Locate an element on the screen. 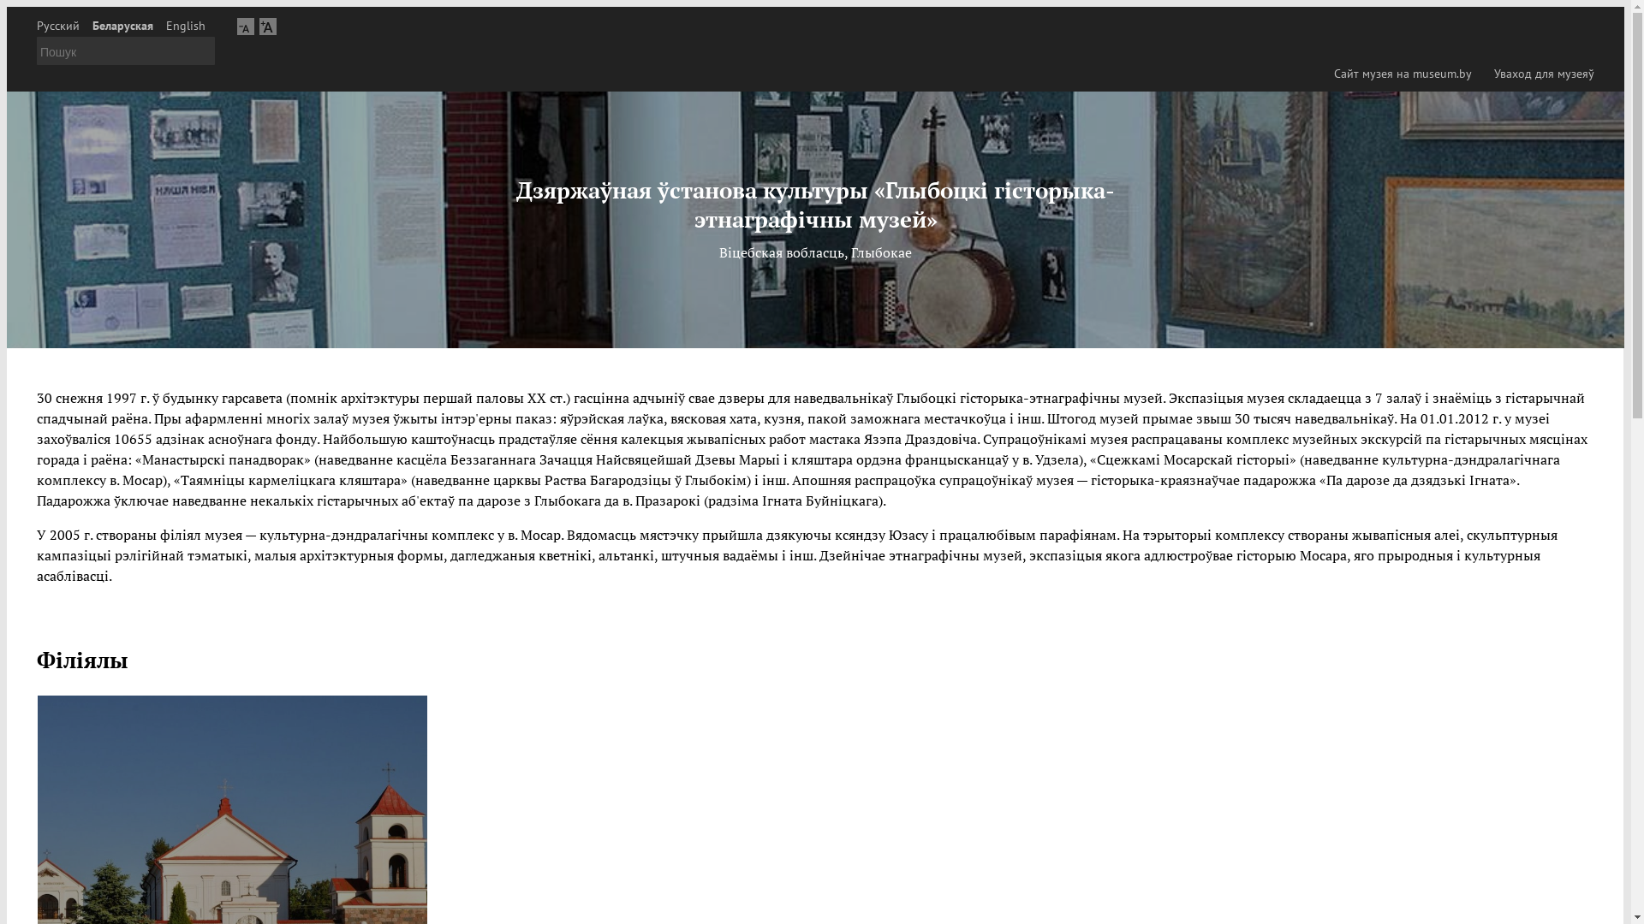  'A' is located at coordinates (245, 26).